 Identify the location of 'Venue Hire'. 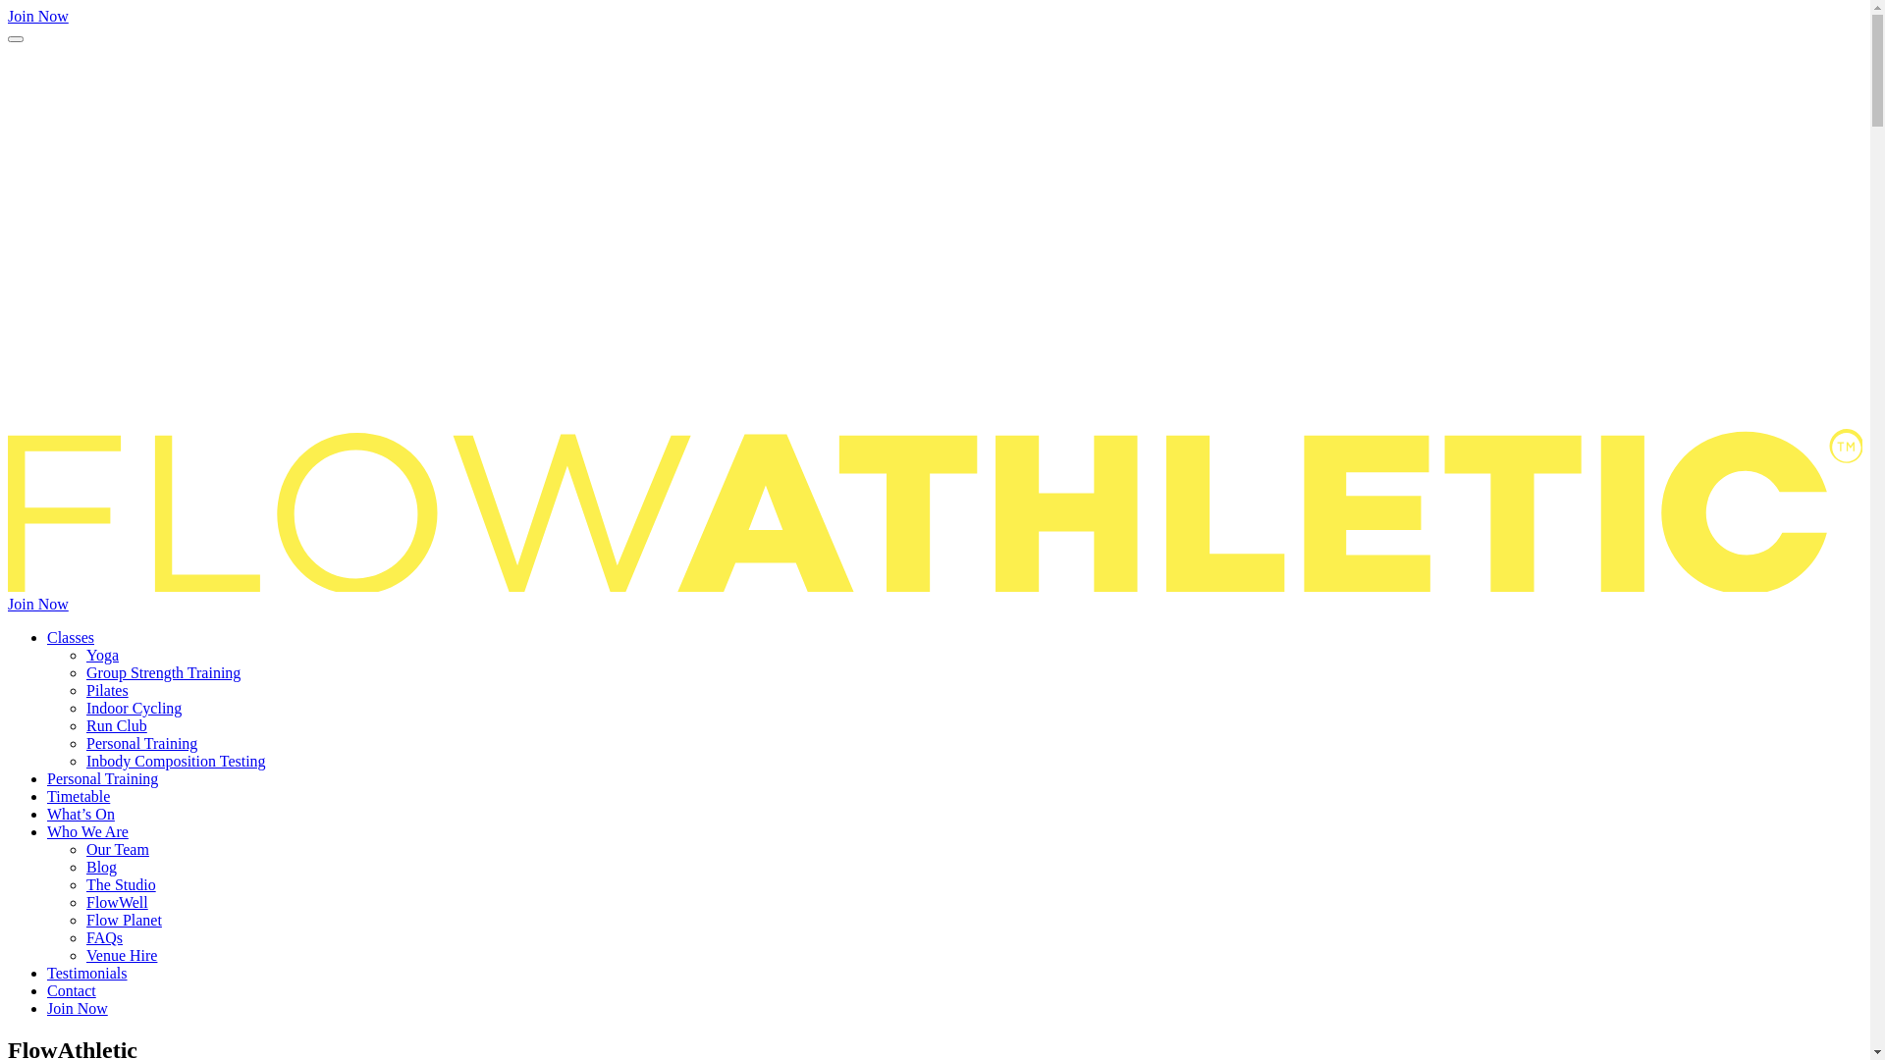
(121, 954).